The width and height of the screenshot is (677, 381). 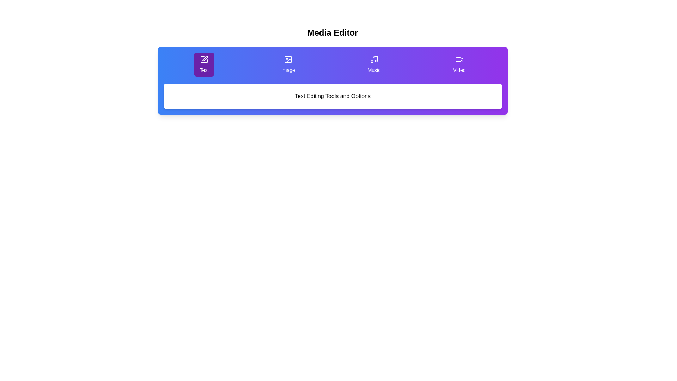 I want to click on the second button in the horizontal navigation menu, so click(x=288, y=64).